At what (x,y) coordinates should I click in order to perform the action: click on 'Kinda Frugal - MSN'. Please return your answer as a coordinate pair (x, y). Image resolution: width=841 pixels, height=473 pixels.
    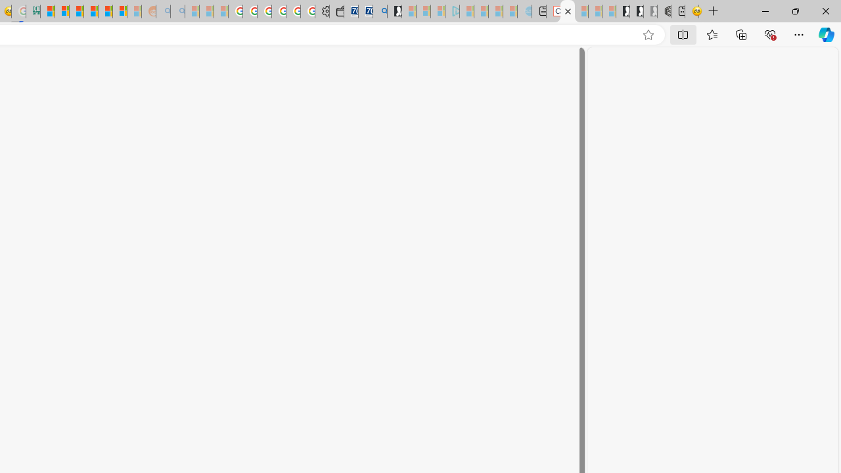
    Looking at the image, I should click on (105, 11).